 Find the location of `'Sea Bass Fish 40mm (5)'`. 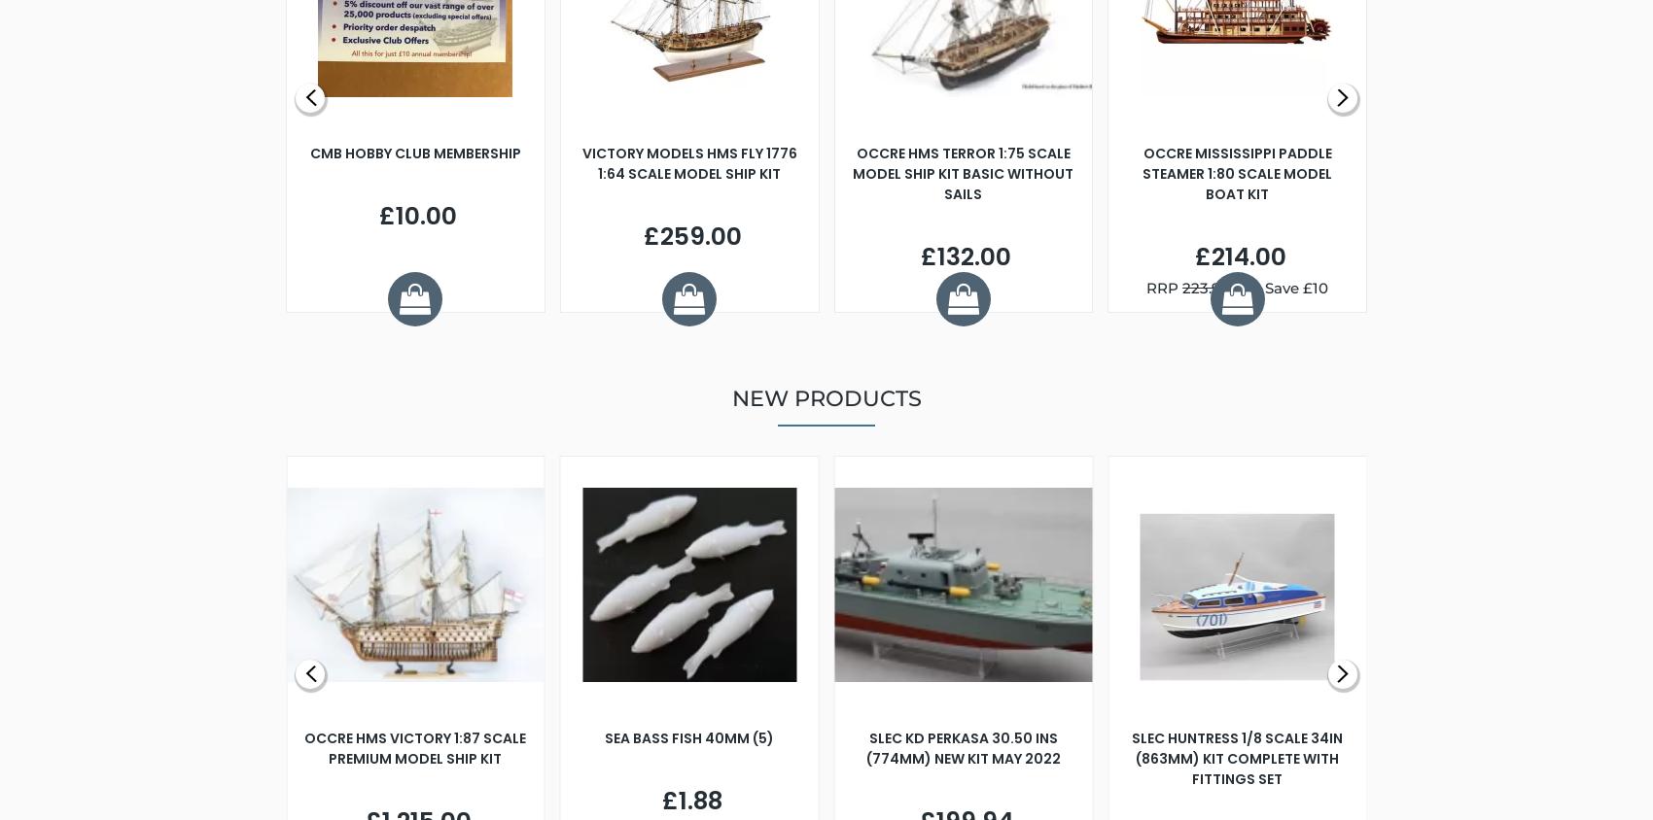

'Sea Bass Fish 40mm (5)' is located at coordinates (689, 737).